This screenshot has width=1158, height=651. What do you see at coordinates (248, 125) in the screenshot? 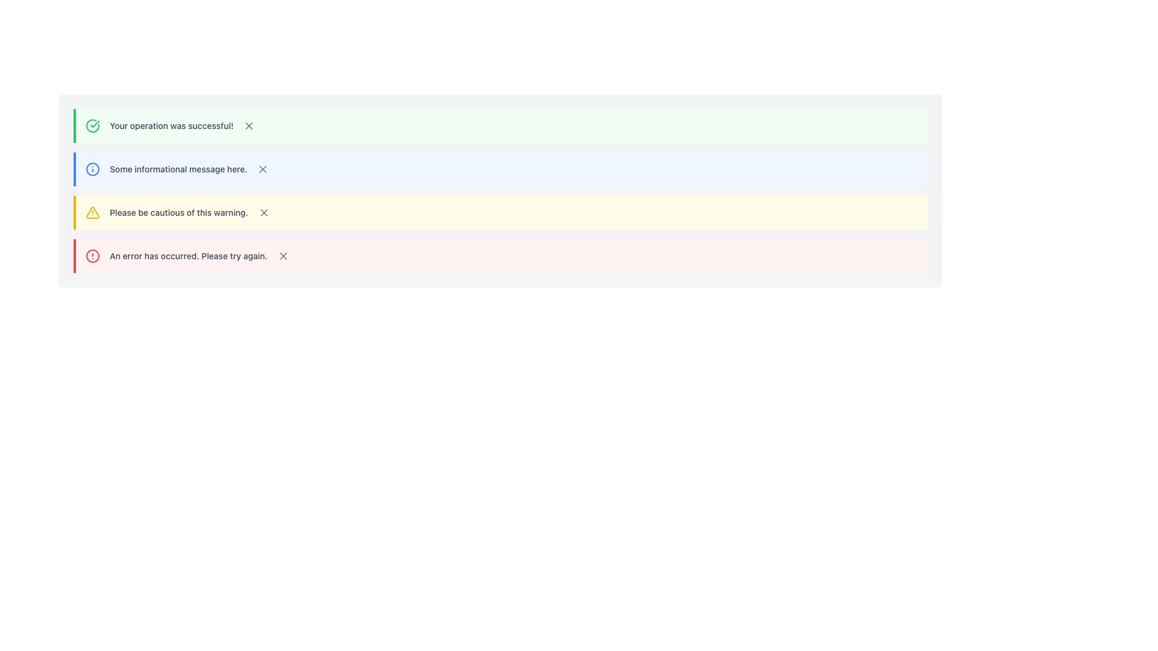
I see `the 'X' shaped icon, which is styled in gray and located at the right edge of the third notification box with a yellow left border` at bounding box center [248, 125].